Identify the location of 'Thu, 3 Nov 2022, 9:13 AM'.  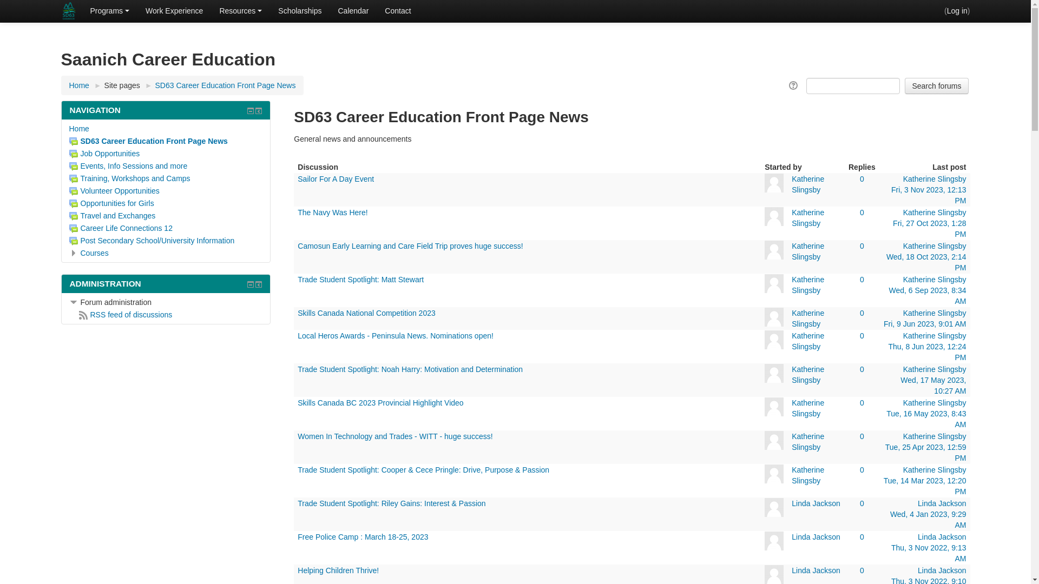
(928, 553).